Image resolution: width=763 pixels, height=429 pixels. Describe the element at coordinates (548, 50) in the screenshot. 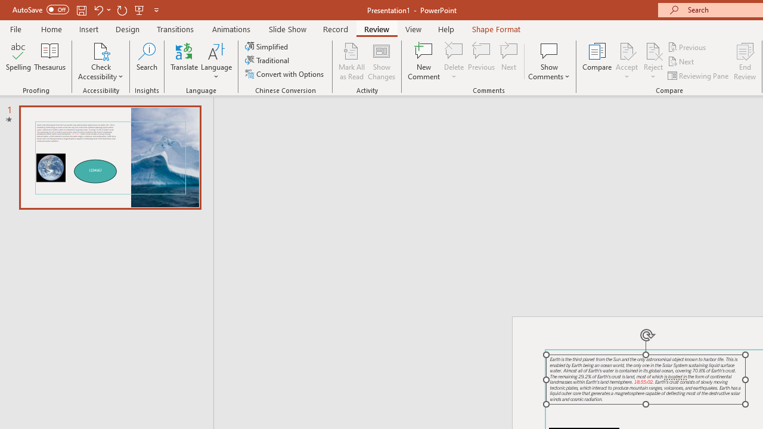

I see `'Show Comments'` at that location.